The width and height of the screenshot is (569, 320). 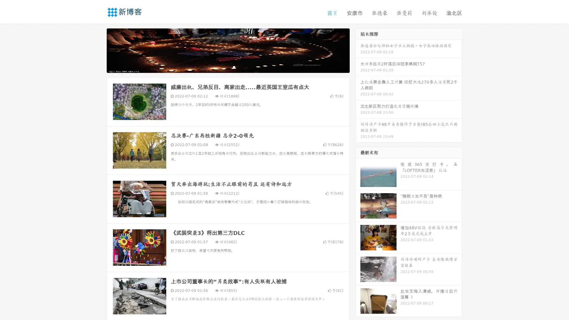 What do you see at coordinates (358, 50) in the screenshot?
I see `Next slide` at bounding box center [358, 50].